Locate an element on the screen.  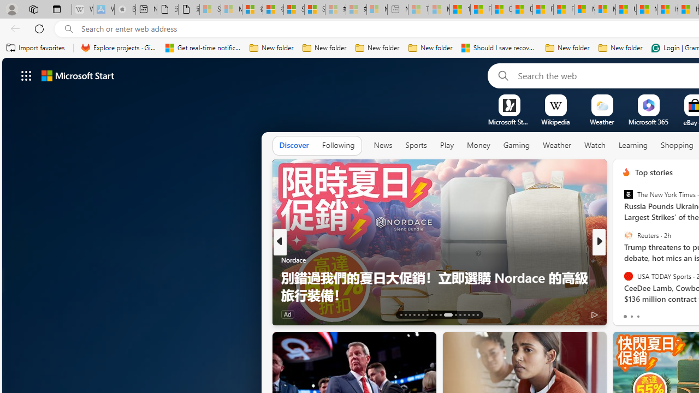
'Play' is located at coordinates (447, 145).